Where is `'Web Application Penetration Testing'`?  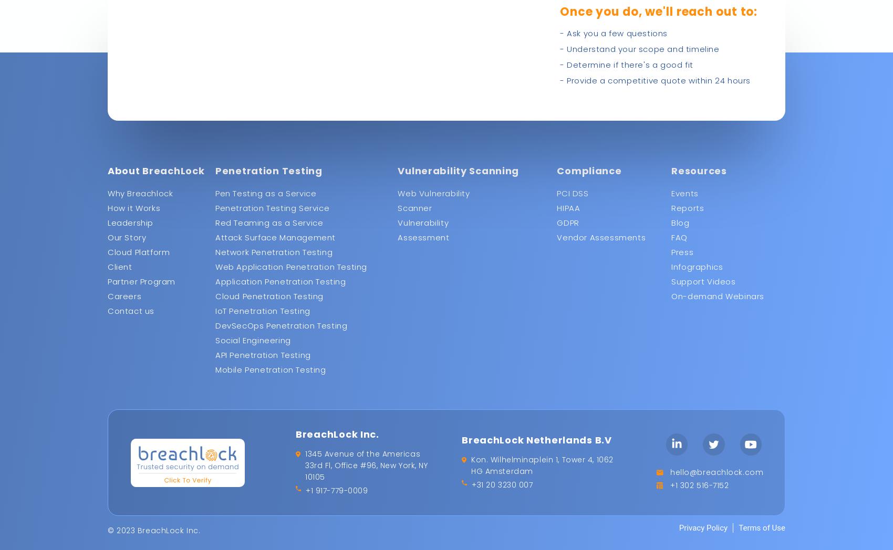 'Web Application Penetration Testing' is located at coordinates (290, 267).